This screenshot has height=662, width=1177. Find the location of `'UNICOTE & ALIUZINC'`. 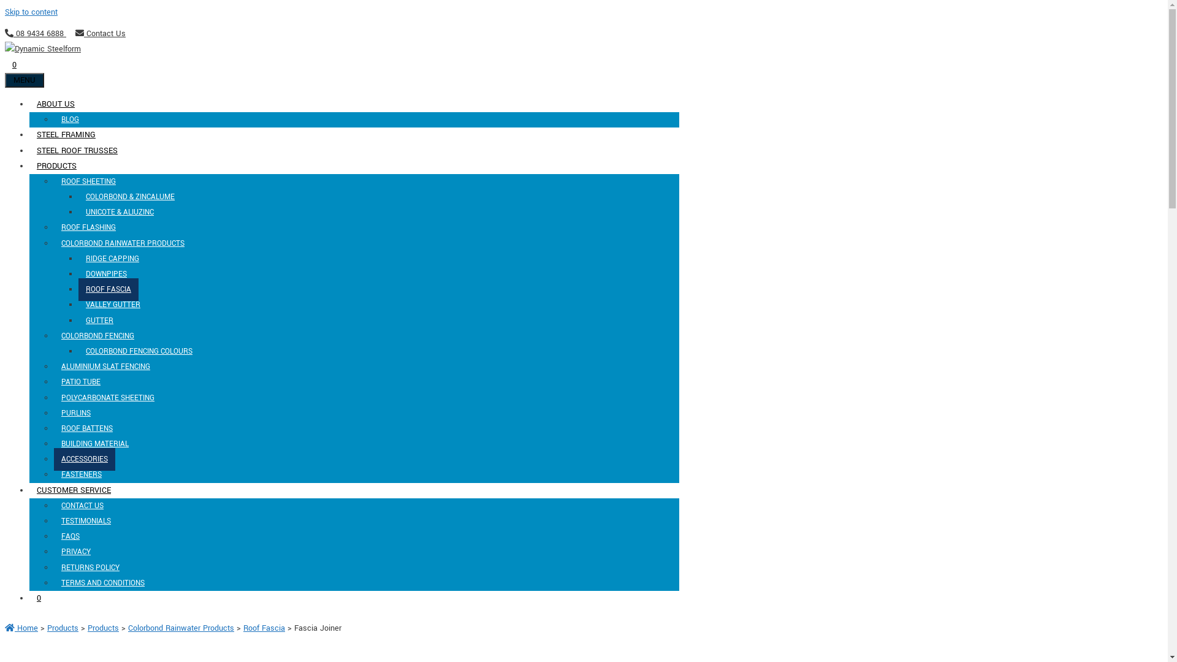

'UNICOTE & ALIUZINC' is located at coordinates (120, 211).